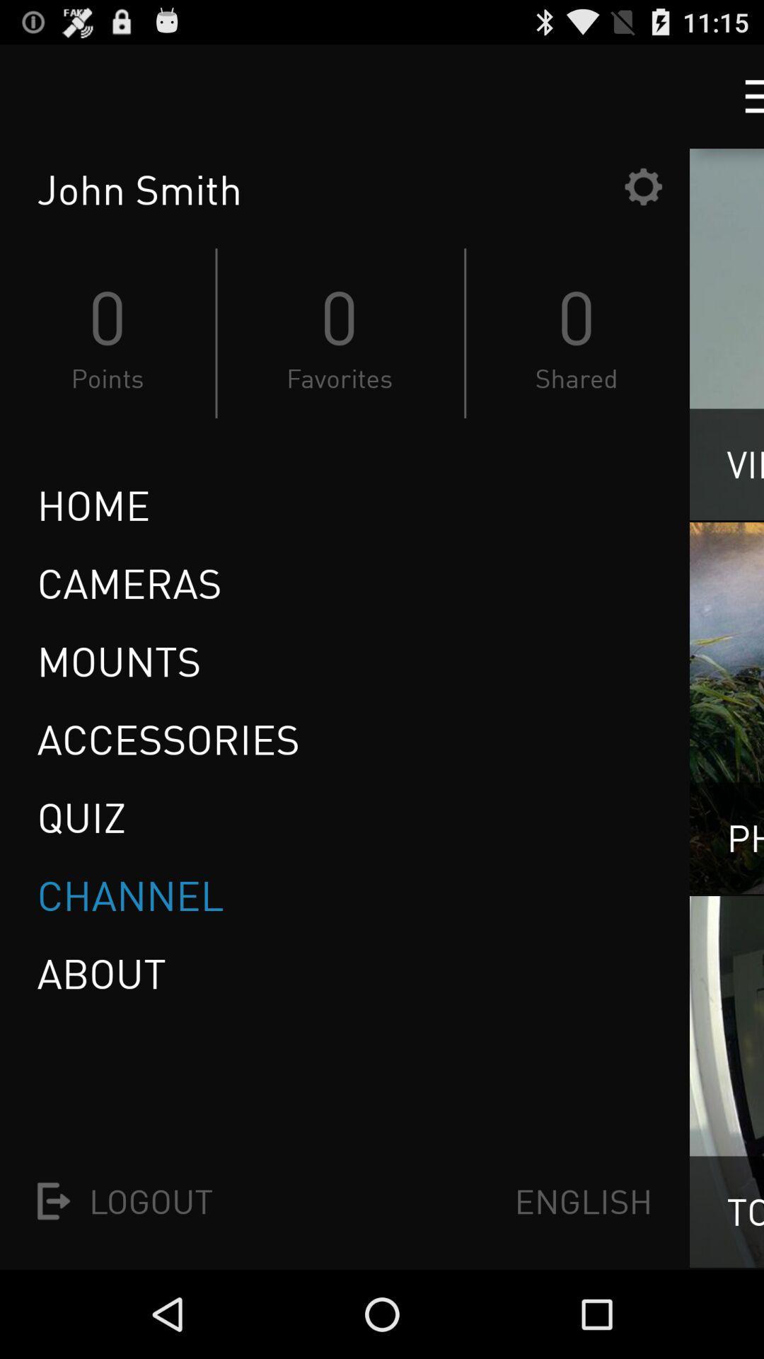 The width and height of the screenshot is (764, 1359). Describe the element at coordinates (643, 199) in the screenshot. I see `the settings icon` at that location.